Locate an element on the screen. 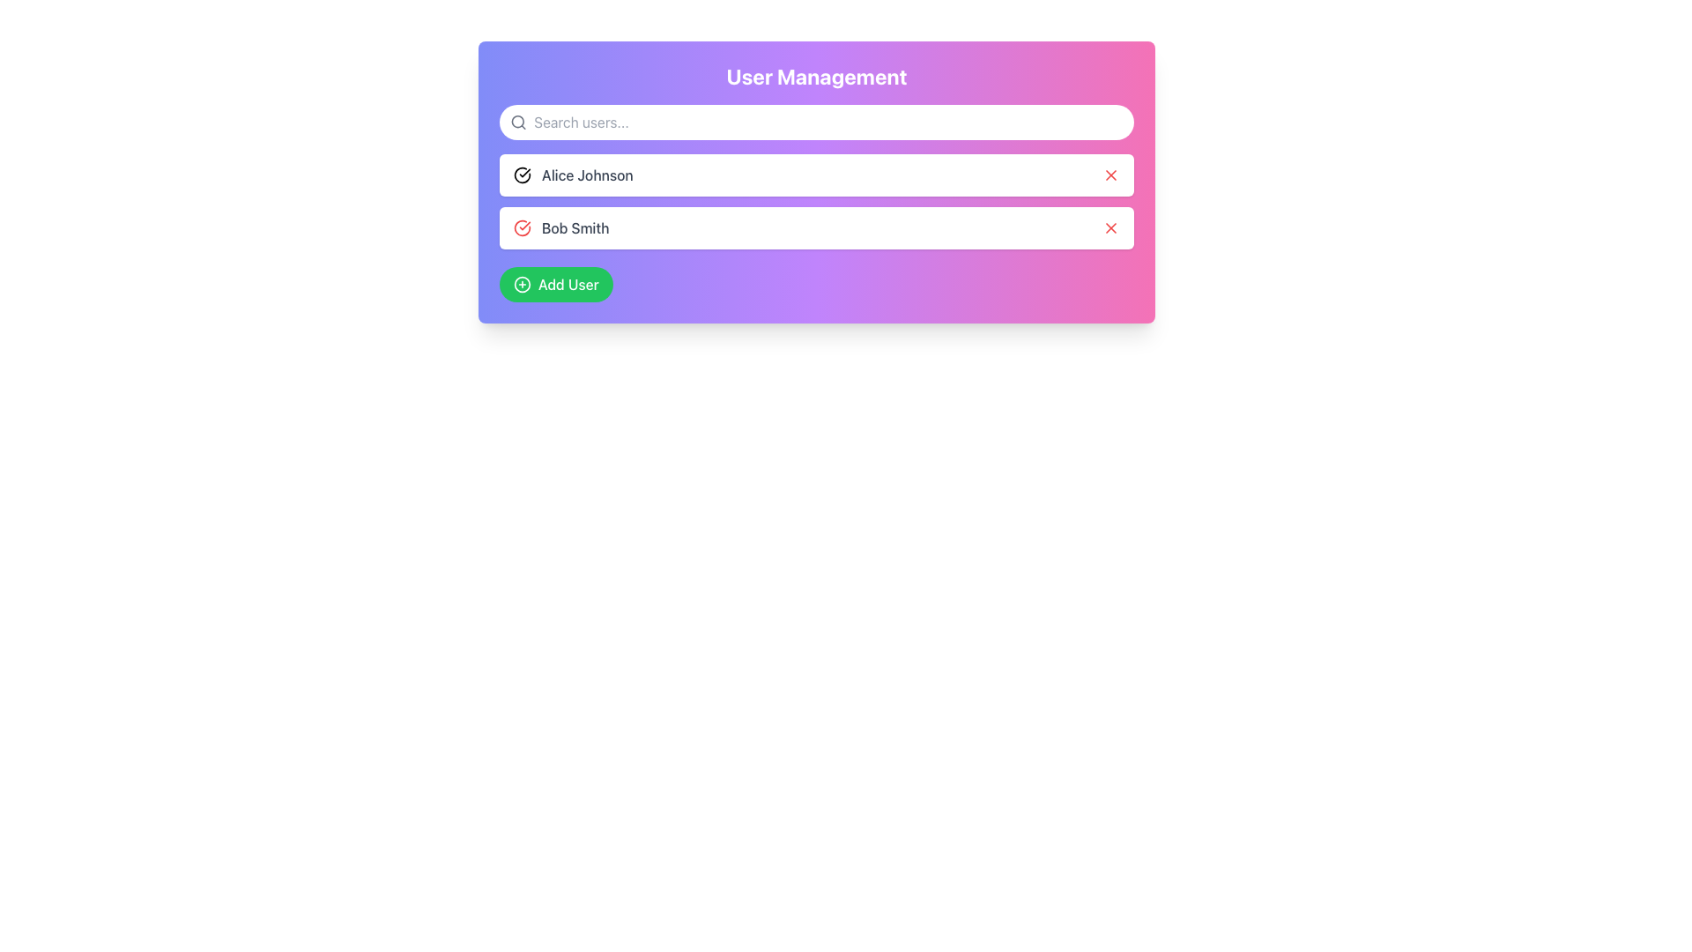 This screenshot has width=1692, height=952. the verification icon to the left of 'Alice Johnson', which signifies that the user is verified or in good standing is located at coordinates (522, 175).